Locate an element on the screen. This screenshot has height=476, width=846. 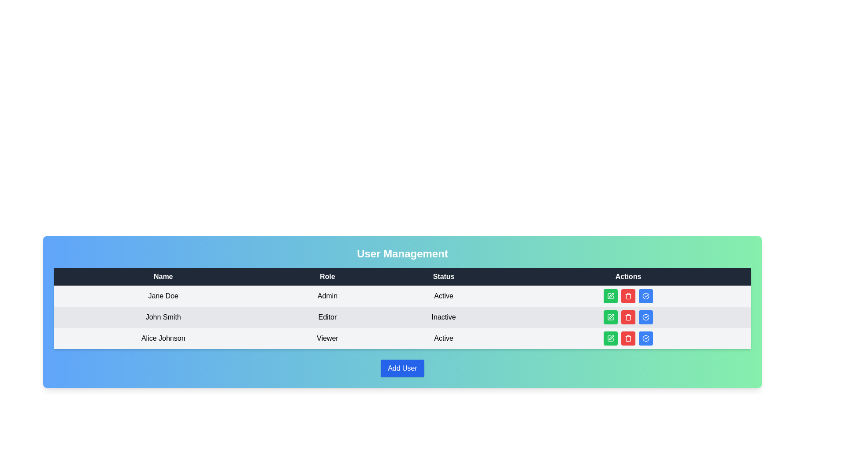
the pencil-shaped icon with a square background located in the 'Actions' column of the last row in the user management table for user 'Alice Johnson' is located at coordinates (610, 338).